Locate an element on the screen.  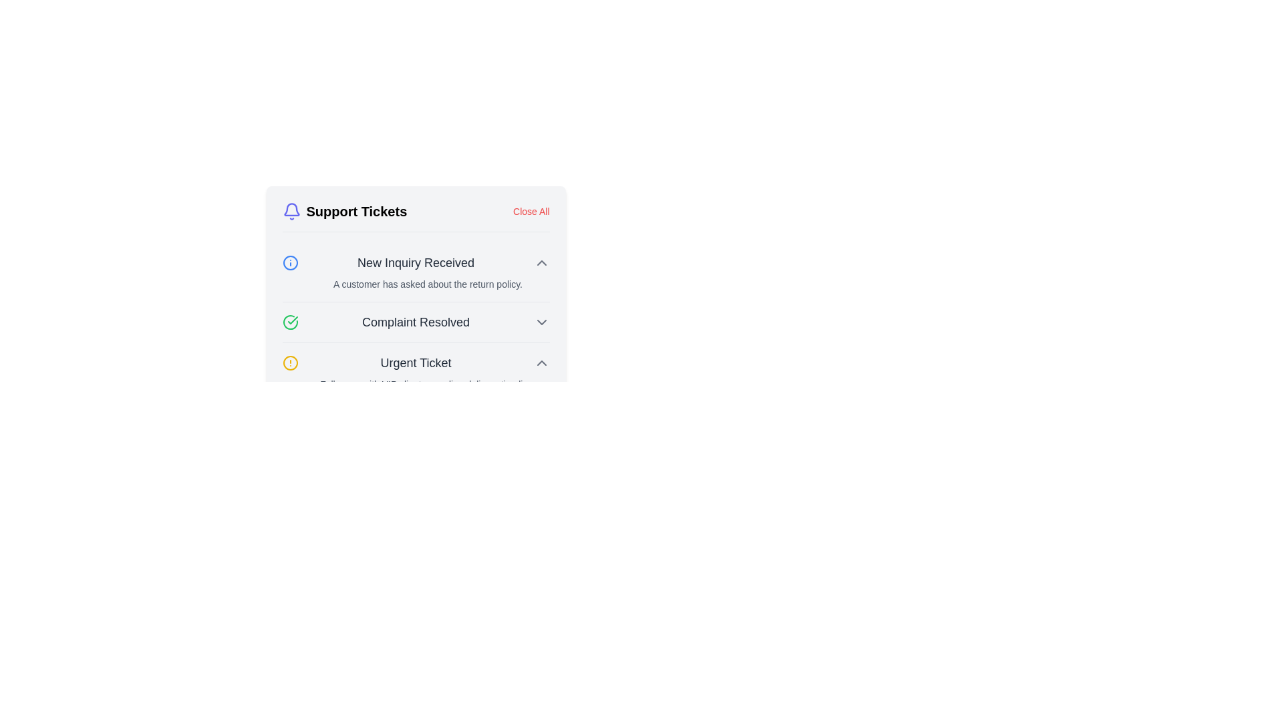
the text label indicating 'Support Tickets', which serves as a header for the section below it is located at coordinates (344, 210).